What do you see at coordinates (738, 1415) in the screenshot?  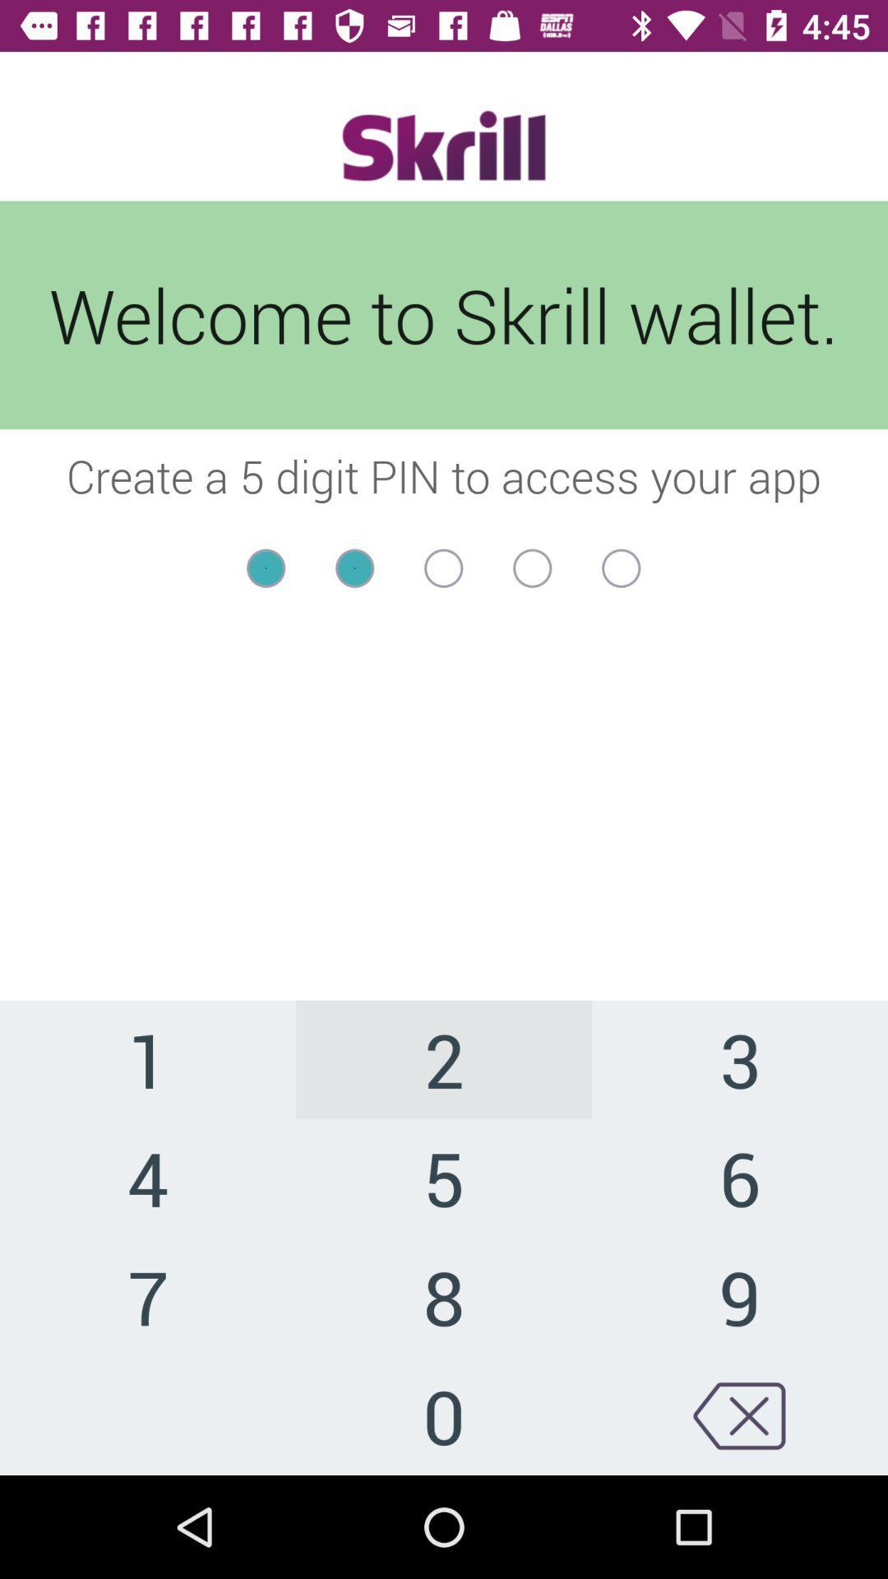 I see `delete the numbers` at bounding box center [738, 1415].